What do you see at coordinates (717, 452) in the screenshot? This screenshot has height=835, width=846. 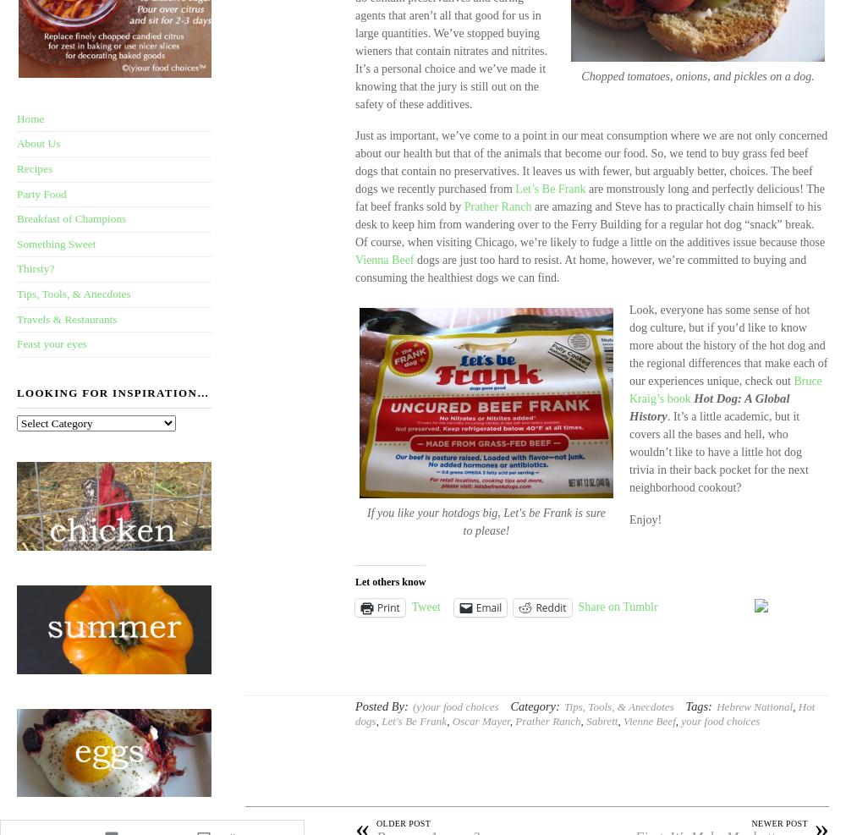 I see `'. It’s a little academic, but it covers all the bases and hell, who wouldn’t like to have a little hot dog trivia in their back pocket for the next neighborhood cookout?'` at bounding box center [717, 452].